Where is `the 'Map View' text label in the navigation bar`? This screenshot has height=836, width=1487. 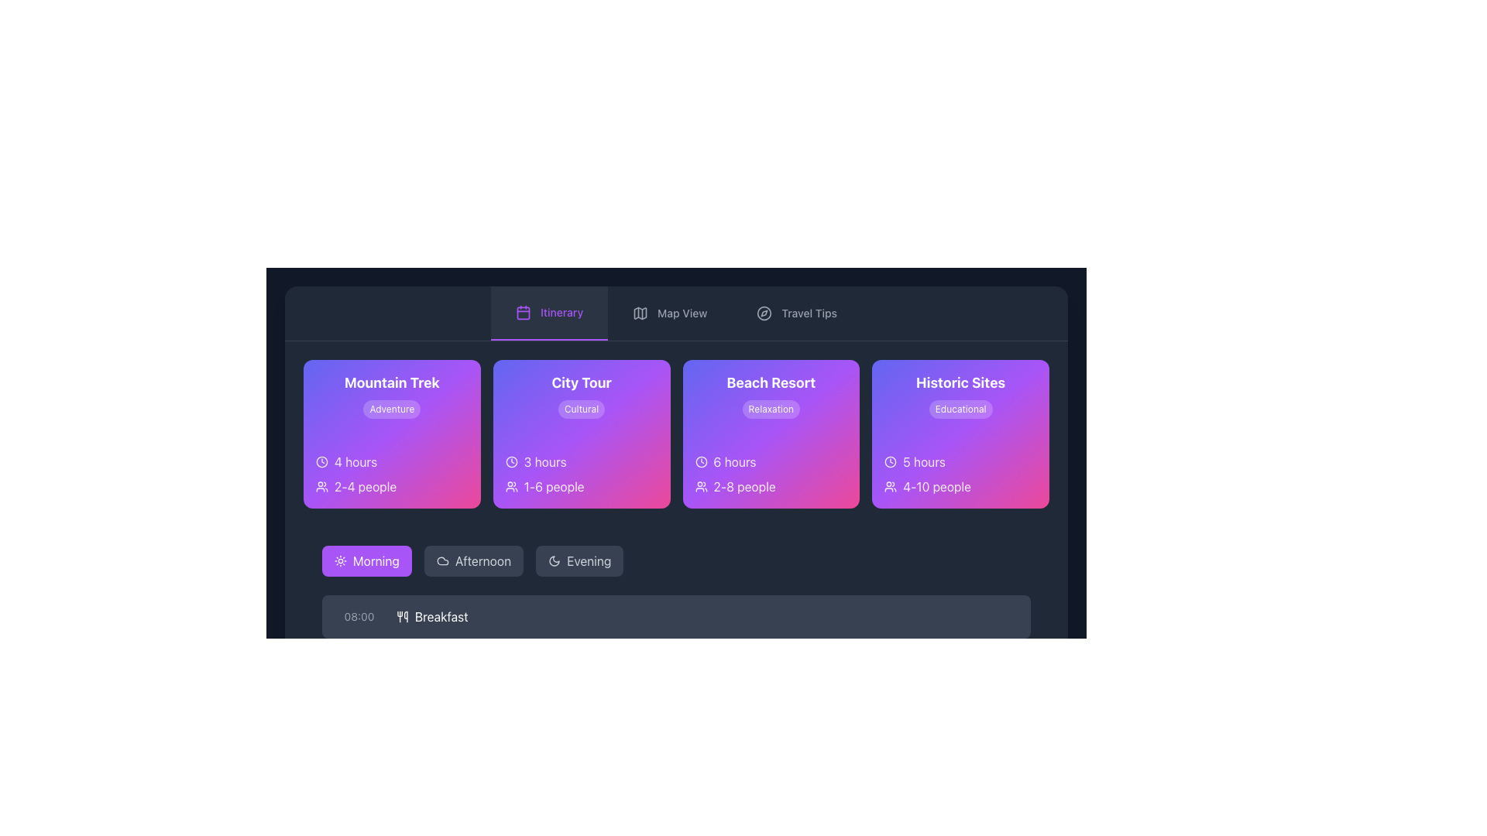 the 'Map View' text label in the navigation bar is located at coordinates (682, 313).